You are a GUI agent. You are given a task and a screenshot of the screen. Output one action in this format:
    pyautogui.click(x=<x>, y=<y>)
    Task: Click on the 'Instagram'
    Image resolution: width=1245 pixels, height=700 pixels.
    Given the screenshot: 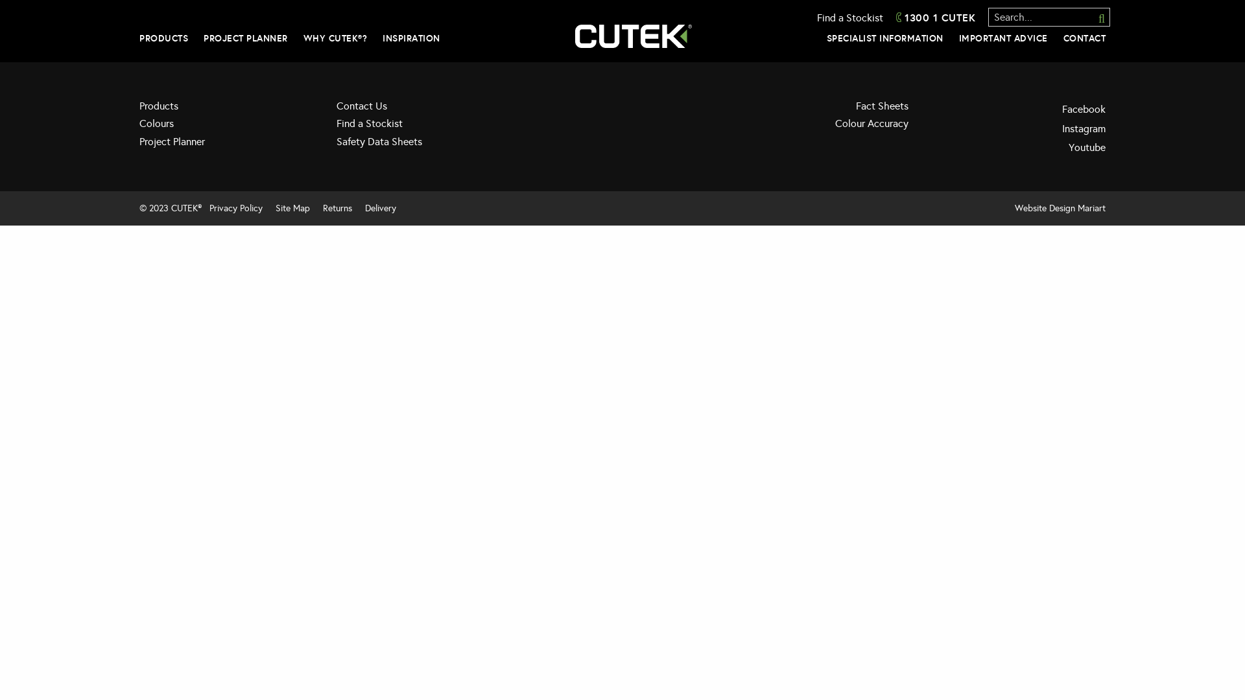 What is the action you would take?
    pyautogui.click(x=1016, y=129)
    